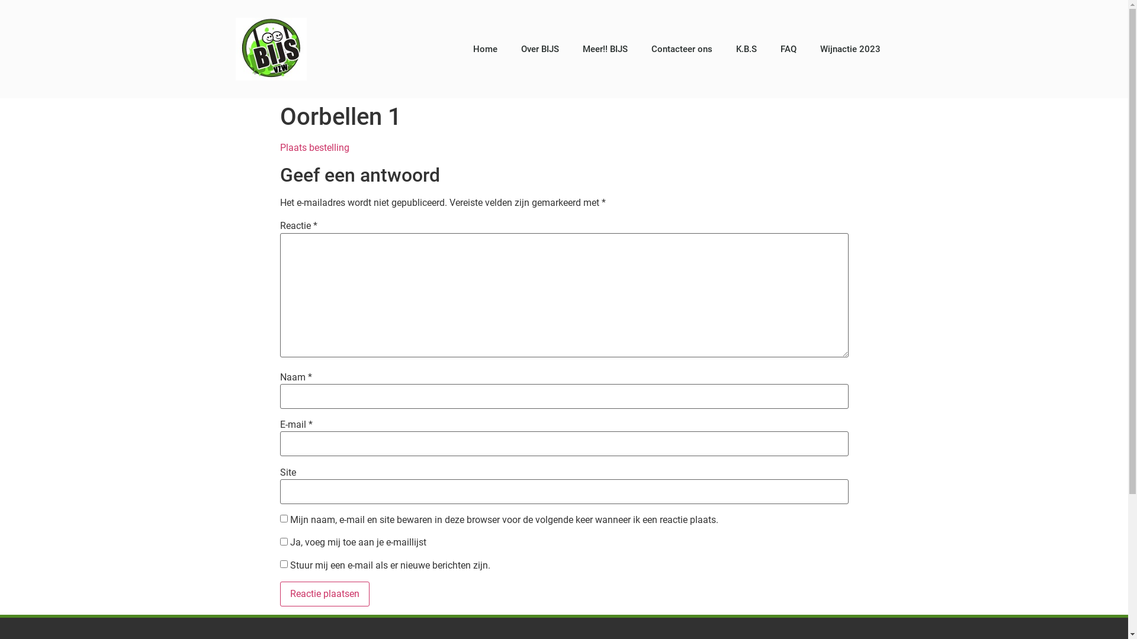  Describe the element at coordinates (278, 147) in the screenshot. I see `'Plaats bestelling'` at that location.